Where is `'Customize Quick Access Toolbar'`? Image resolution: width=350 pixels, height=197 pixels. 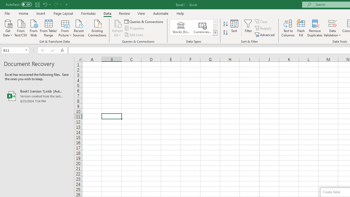
'Customize Quick Access Toolbar' is located at coordinates (66, 4).